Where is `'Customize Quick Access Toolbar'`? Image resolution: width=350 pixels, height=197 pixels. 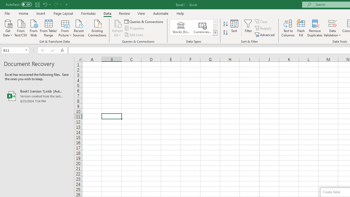
'Customize Quick Access Toolbar' is located at coordinates (66, 4).